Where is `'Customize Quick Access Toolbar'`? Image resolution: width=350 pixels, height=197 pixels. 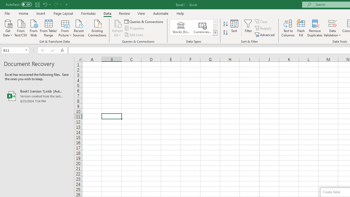
'Customize Quick Access Toolbar' is located at coordinates (66, 4).